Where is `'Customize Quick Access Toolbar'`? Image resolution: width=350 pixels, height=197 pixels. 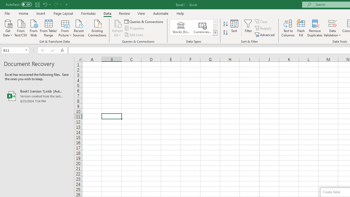
'Customize Quick Access Toolbar' is located at coordinates (66, 4).